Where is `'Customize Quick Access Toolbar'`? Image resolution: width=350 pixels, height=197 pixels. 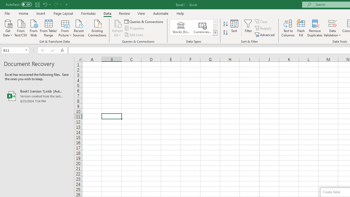
'Customize Quick Access Toolbar' is located at coordinates (66, 4).